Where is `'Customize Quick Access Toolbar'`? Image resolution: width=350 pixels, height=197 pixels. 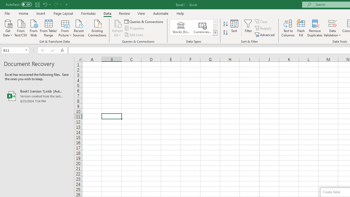
'Customize Quick Access Toolbar' is located at coordinates (66, 4).